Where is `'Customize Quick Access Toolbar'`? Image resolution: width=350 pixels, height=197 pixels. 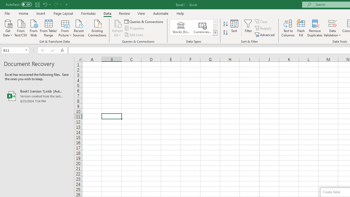
'Customize Quick Access Toolbar' is located at coordinates (66, 4).